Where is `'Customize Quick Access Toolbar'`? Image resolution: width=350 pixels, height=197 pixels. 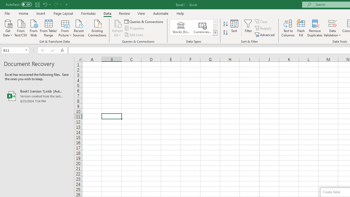
'Customize Quick Access Toolbar' is located at coordinates (66, 4).